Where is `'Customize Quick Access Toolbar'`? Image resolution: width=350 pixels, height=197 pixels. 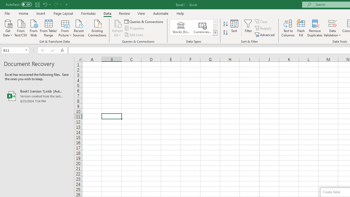
'Customize Quick Access Toolbar' is located at coordinates (66, 4).